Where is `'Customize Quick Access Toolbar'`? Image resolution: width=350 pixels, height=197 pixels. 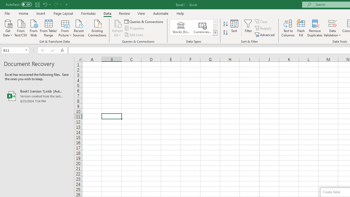
'Customize Quick Access Toolbar' is located at coordinates (66, 4).